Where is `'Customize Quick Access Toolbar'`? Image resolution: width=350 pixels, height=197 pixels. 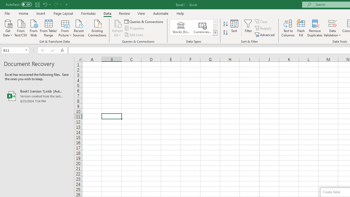
'Customize Quick Access Toolbar' is located at coordinates (66, 4).